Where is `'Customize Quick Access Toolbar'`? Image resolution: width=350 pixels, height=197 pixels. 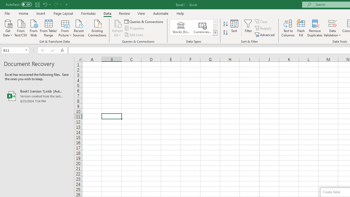
'Customize Quick Access Toolbar' is located at coordinates (66, 4).